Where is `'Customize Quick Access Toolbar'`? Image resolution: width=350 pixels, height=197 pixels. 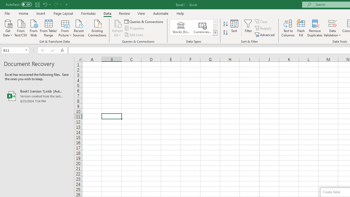
'Customize Quick Access Toolbar' is located at coordinates (66, 4).